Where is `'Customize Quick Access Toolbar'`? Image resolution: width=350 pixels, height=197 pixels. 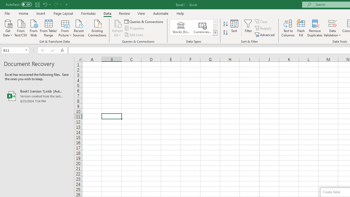
'Customize Quick Access Toolbar' is located at coordinates (66, 4).